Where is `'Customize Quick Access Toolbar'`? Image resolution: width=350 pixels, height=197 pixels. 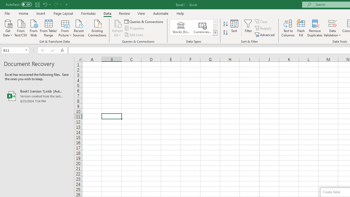
'Customize Quick Access Toolbar' is located at coordinates (66, 4).